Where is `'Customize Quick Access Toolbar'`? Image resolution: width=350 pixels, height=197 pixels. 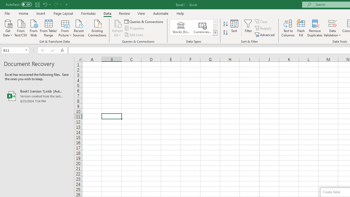
'Customize Quick Access Toolbar' is located at coordinates (66, 4).